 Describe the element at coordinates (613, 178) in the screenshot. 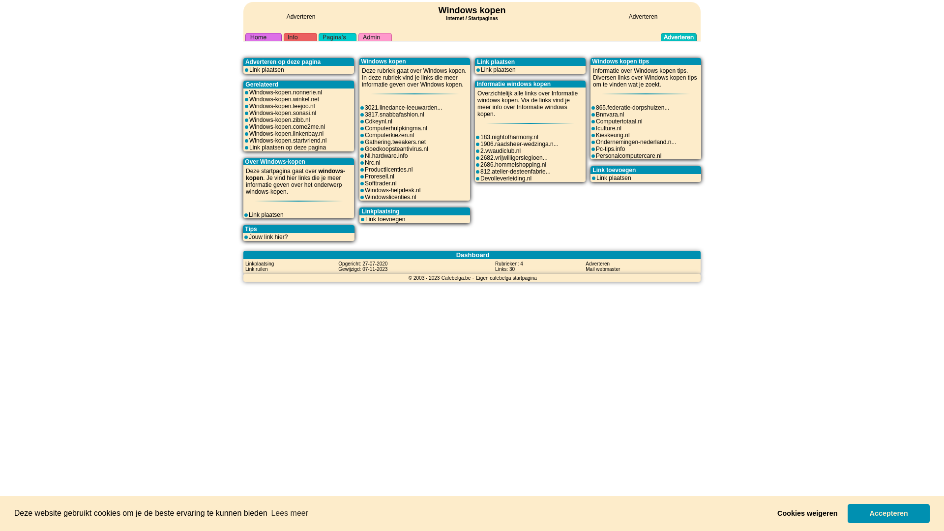

I see `'Link plaatsen'` at that location.